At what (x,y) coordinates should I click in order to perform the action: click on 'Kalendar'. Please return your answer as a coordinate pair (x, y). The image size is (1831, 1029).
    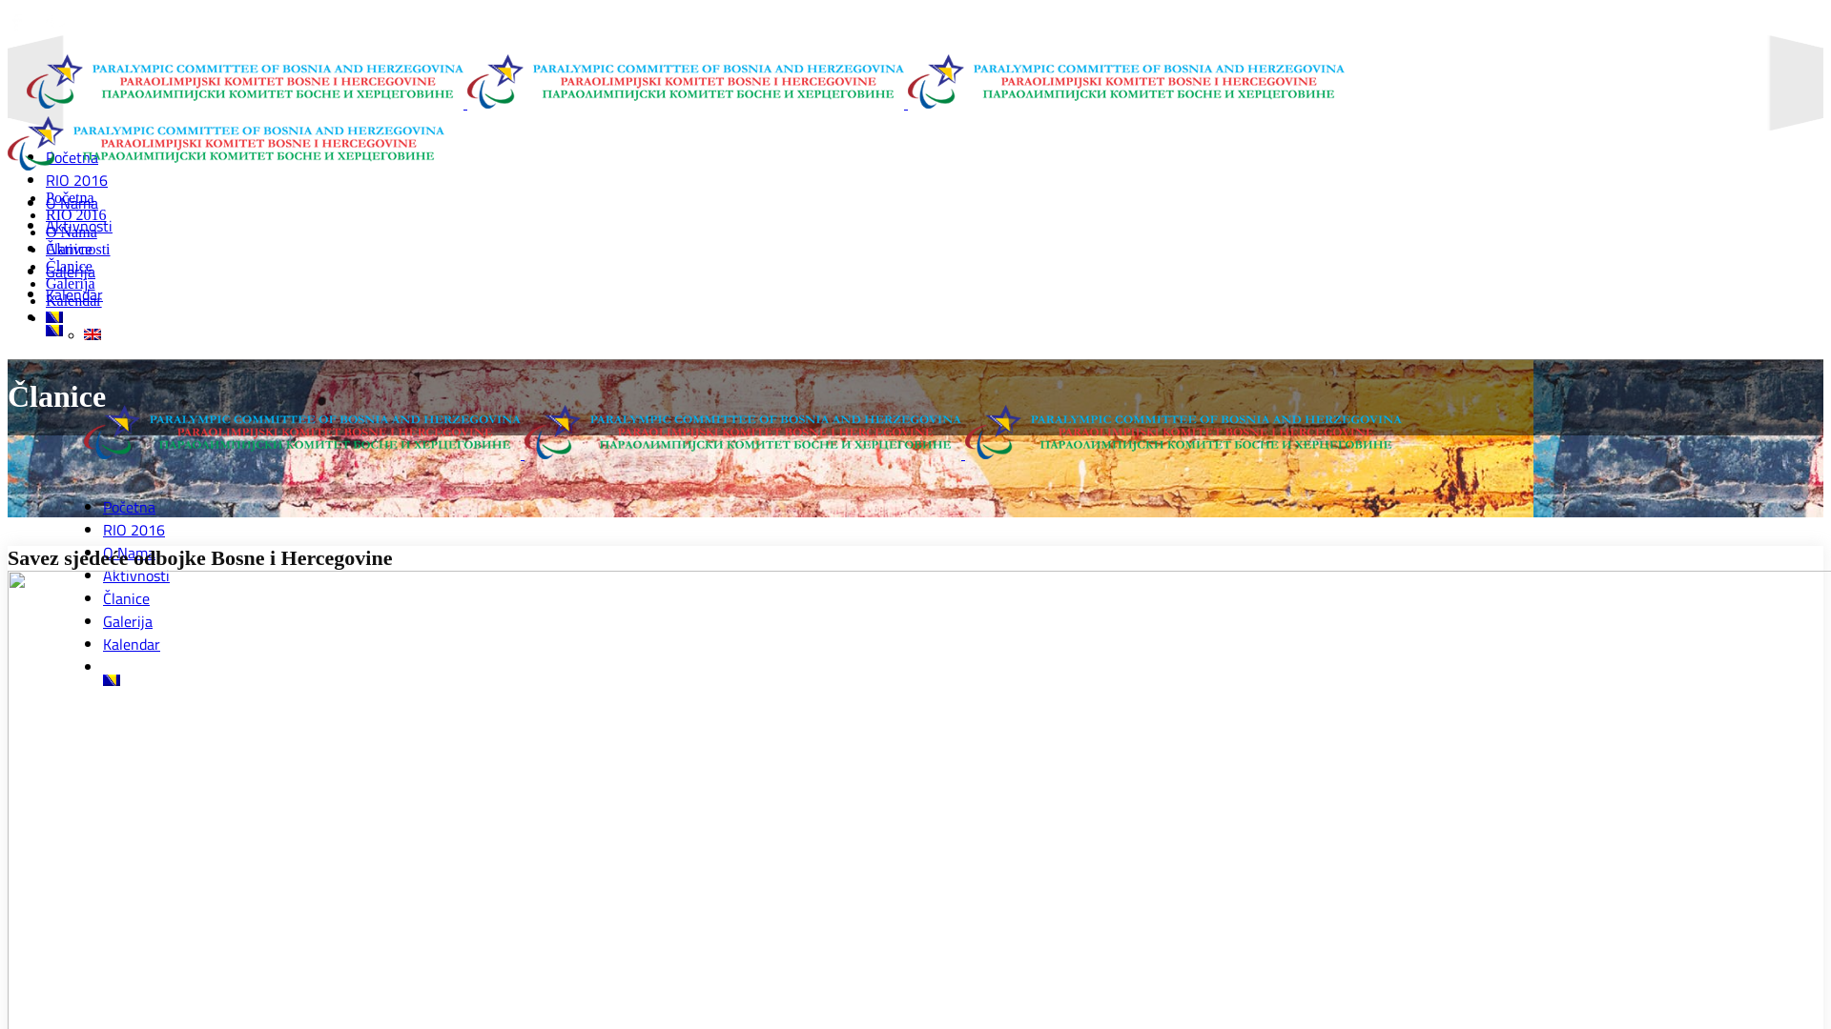
    Looking at the image, I should click on (73, 293).